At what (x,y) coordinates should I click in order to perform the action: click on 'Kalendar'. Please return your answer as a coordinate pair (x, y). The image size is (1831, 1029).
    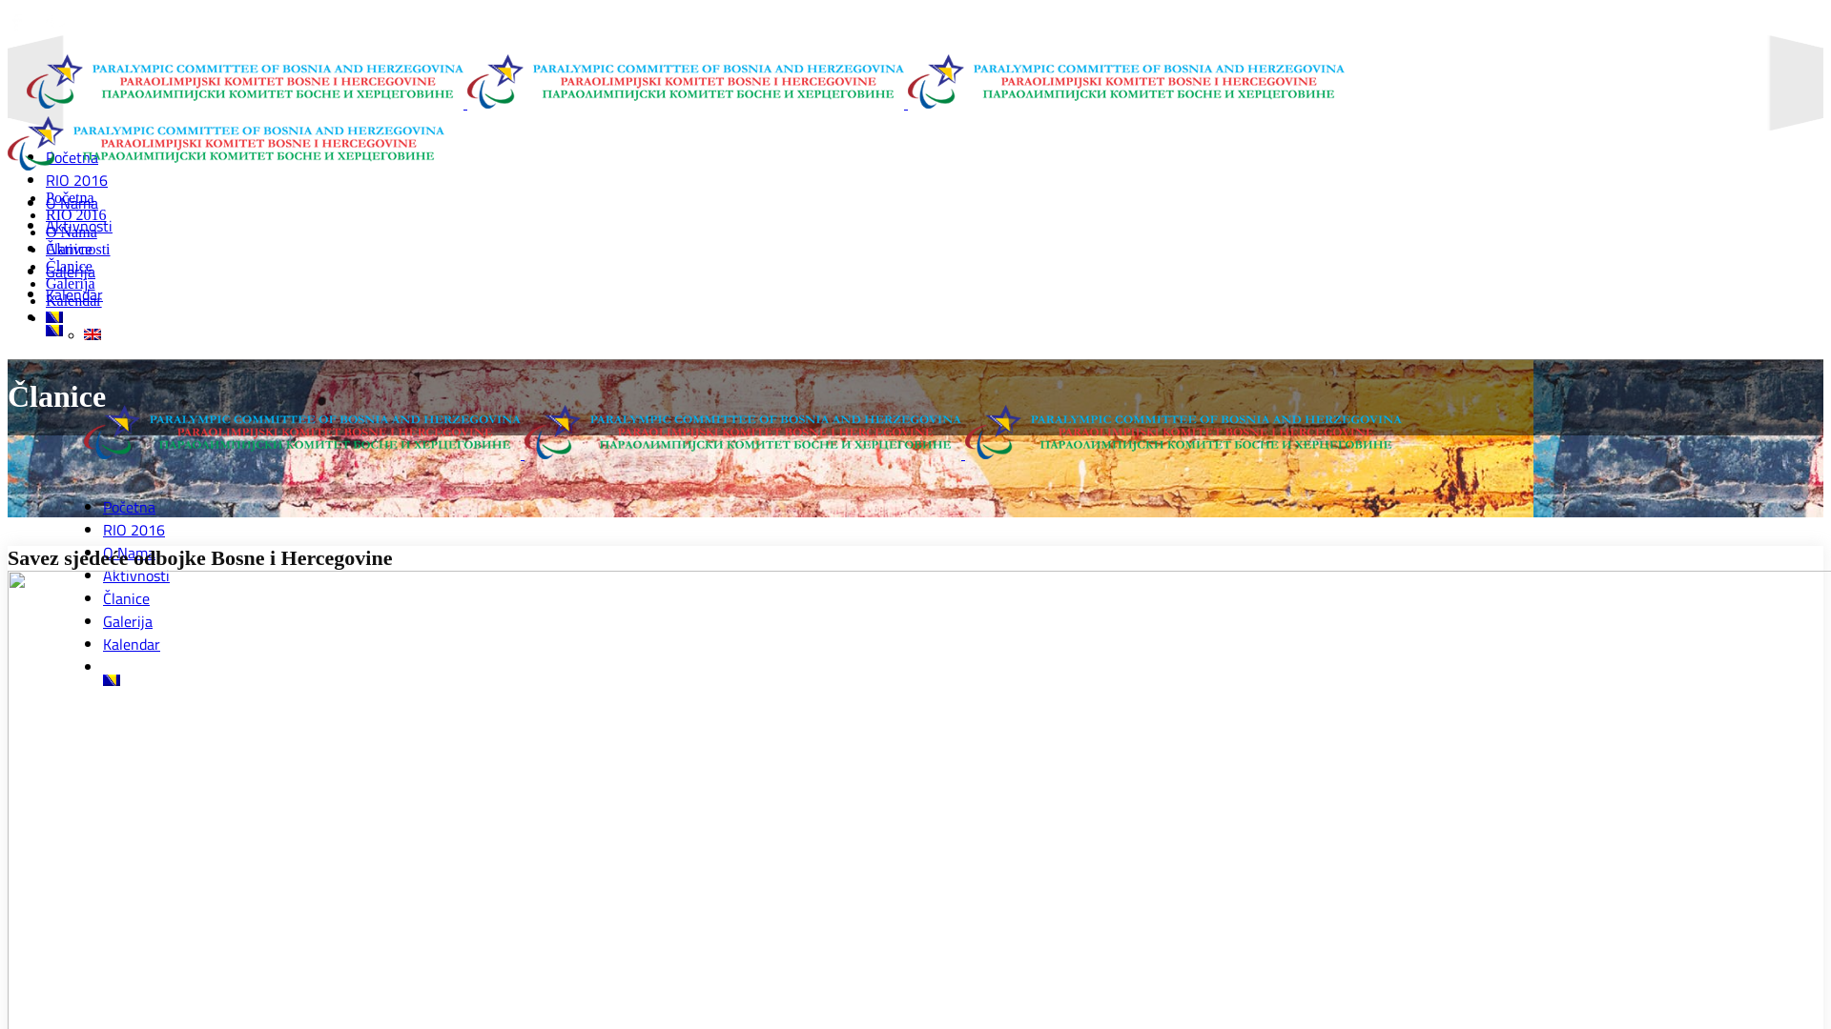
    Looking at the image, I should click on (73, 293).